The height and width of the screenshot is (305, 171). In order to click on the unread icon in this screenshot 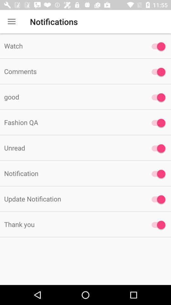, I will do `click(71, 148)`.